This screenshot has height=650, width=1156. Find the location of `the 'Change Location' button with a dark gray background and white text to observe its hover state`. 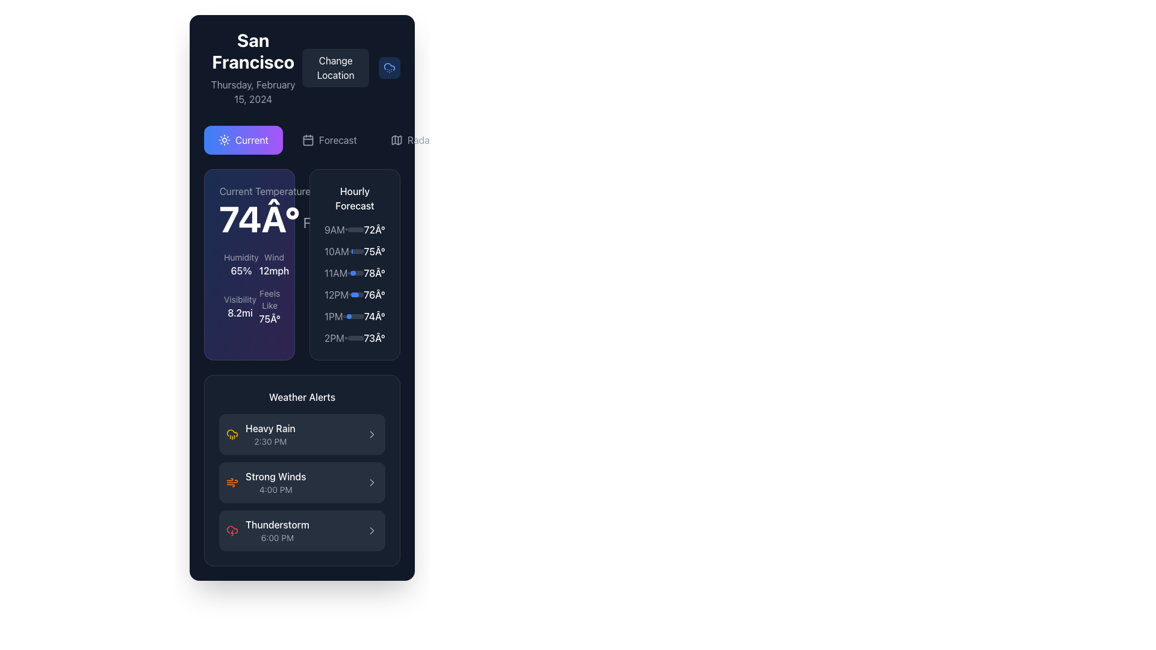

the 'Change Location' button with a dark gray background and white text to observe its hover state is located at coordinates (335, 67).